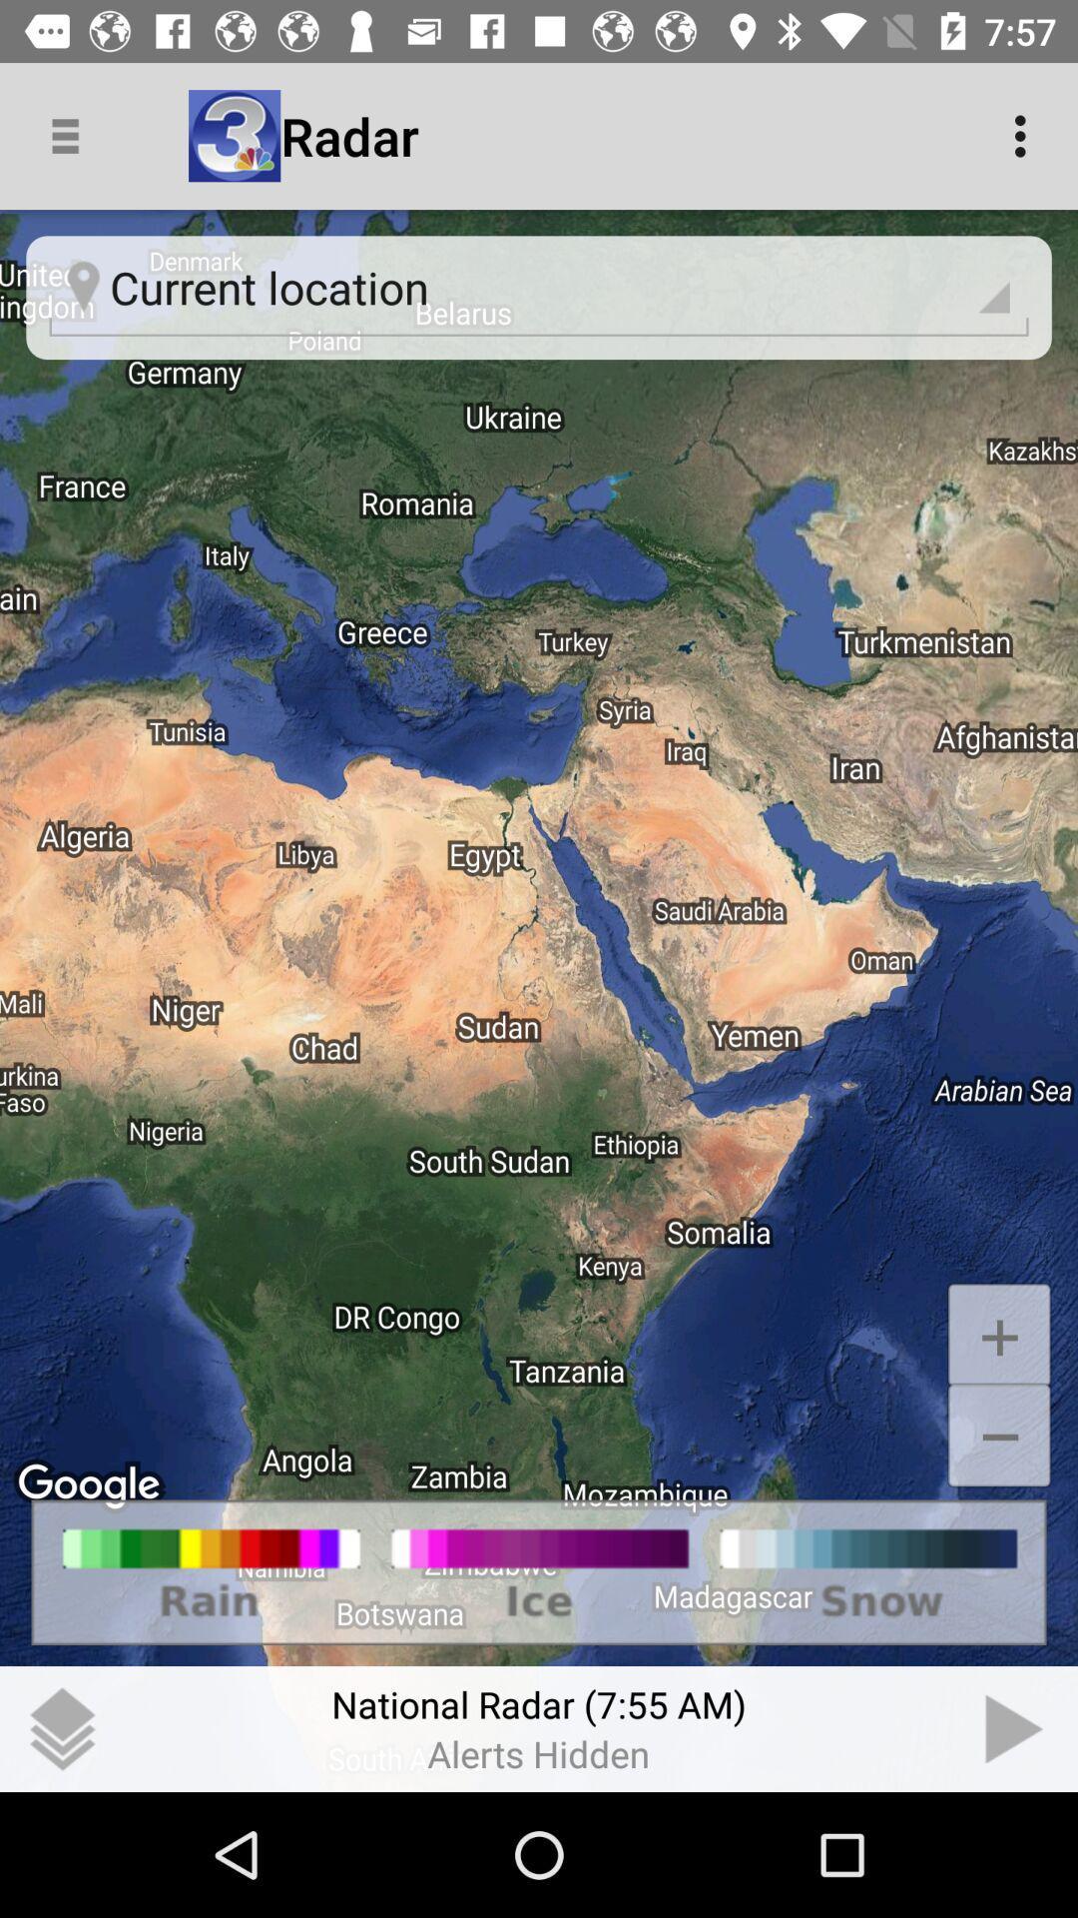 The image size is (1078, 1918). Describe the element at coordinates (539, 1001) in the screenshot. I see `icon at the center` at that location.